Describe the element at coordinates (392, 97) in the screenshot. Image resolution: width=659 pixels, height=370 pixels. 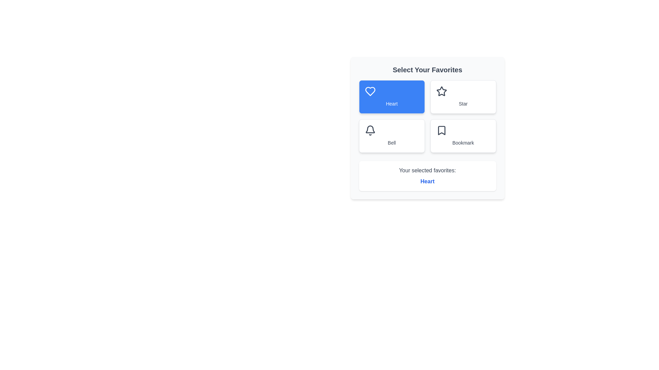
I see `the favorite icon Heart` at that location.